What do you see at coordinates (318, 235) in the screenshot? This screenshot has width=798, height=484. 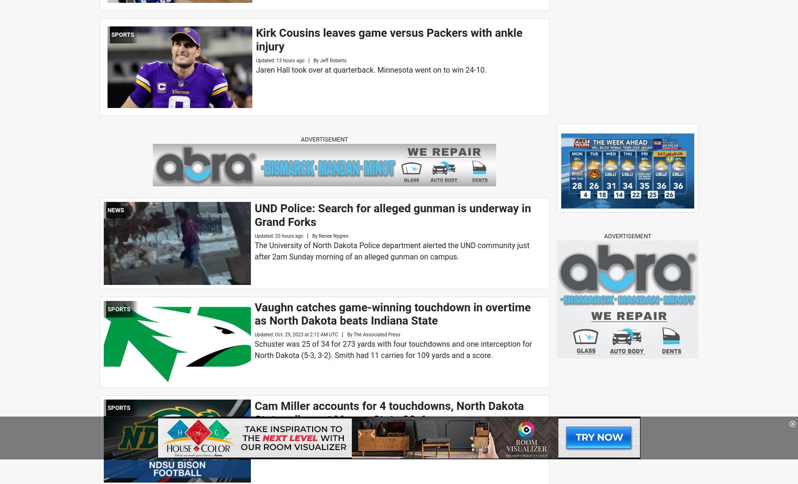 I see `'Renee Nygren'` at bounding box center [318, 235].